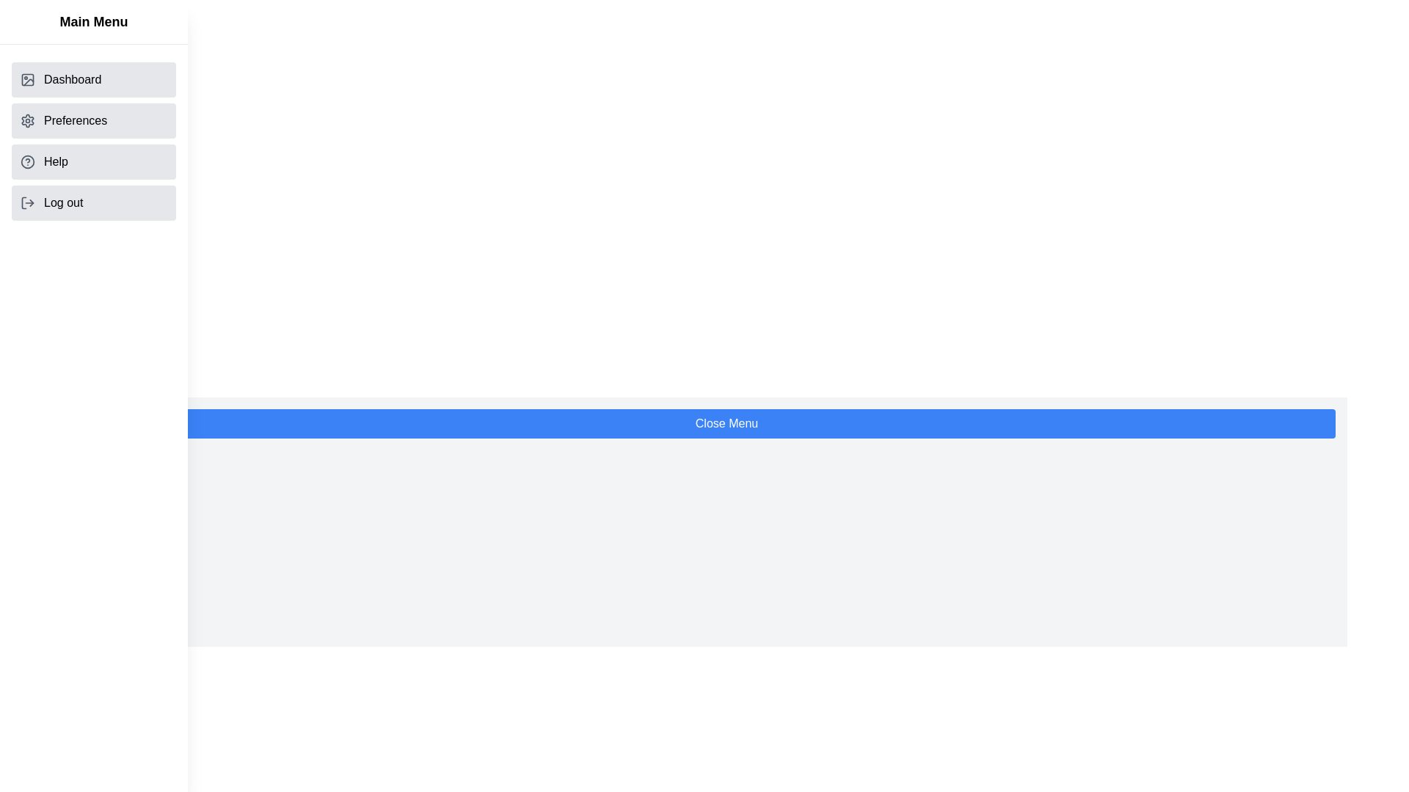 The height and width of the screenshot is (792, 1409). What do you see at coordinates (93, 120) in the screenshot?
I see `the 'Preferences' option in the menu` at bounding box center [93, 120].